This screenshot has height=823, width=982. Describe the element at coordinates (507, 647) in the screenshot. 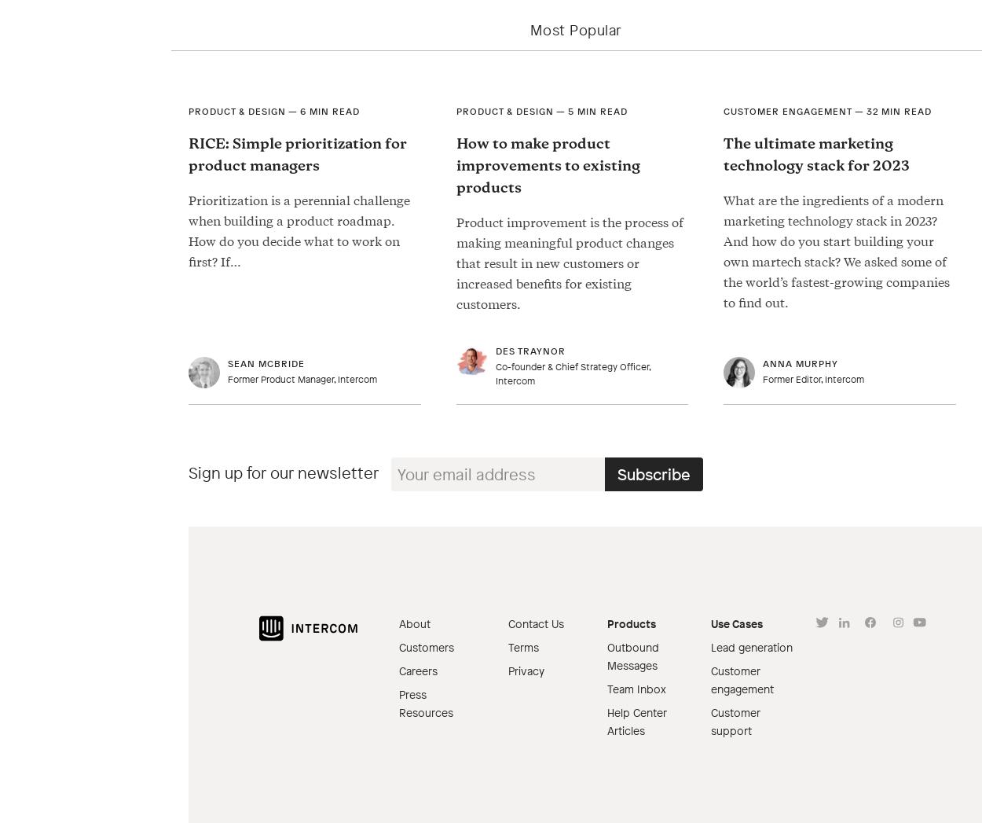

I see `'Terms'` at that location.